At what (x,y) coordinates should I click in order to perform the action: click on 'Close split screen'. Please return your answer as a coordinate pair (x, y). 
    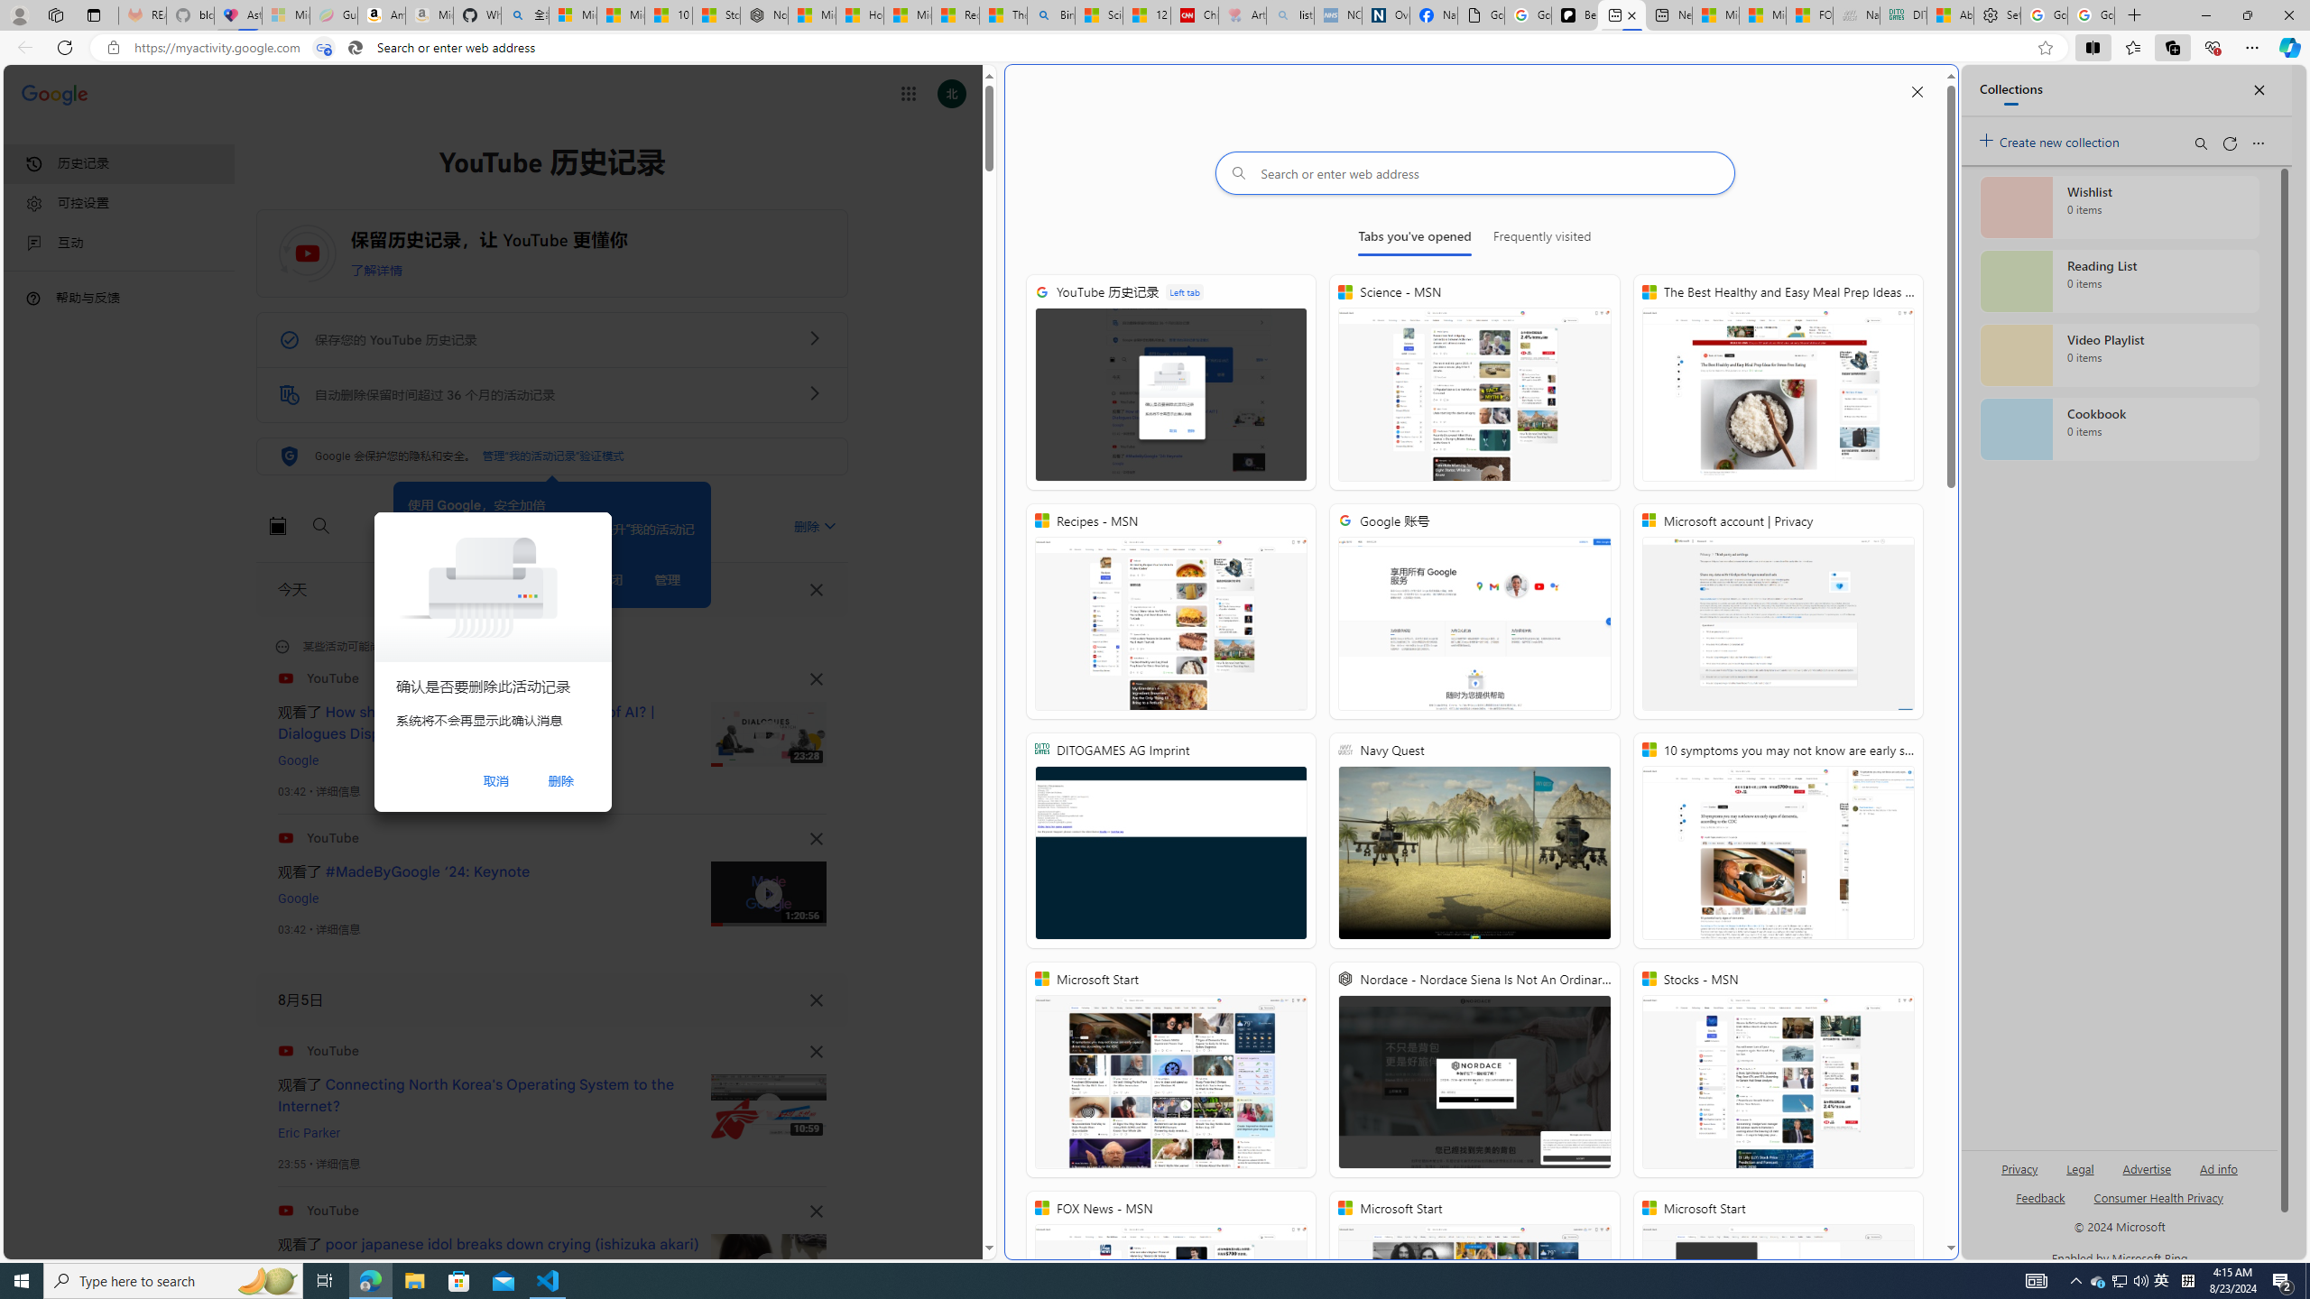
    Looking at the image, I should click on (1916, 90).